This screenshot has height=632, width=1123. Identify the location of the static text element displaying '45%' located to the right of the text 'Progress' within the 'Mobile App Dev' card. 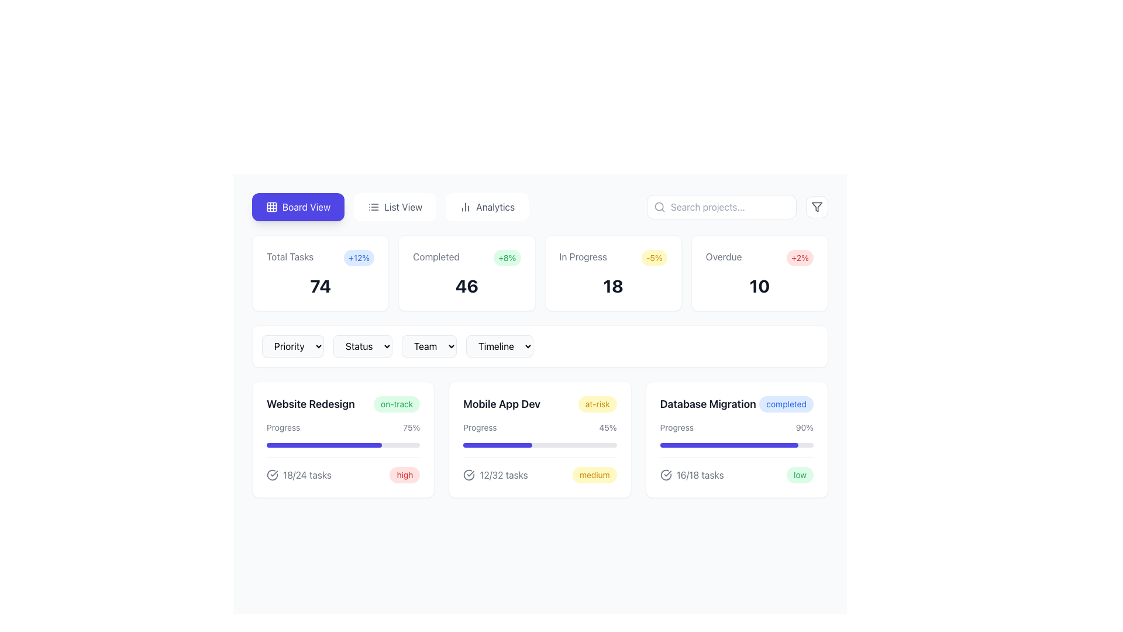
(608, 428).